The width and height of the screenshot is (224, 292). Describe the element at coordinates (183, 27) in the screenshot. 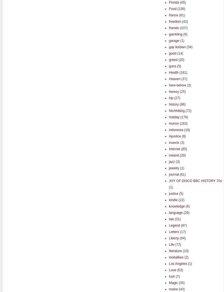

I see `'(107)'` at that location.